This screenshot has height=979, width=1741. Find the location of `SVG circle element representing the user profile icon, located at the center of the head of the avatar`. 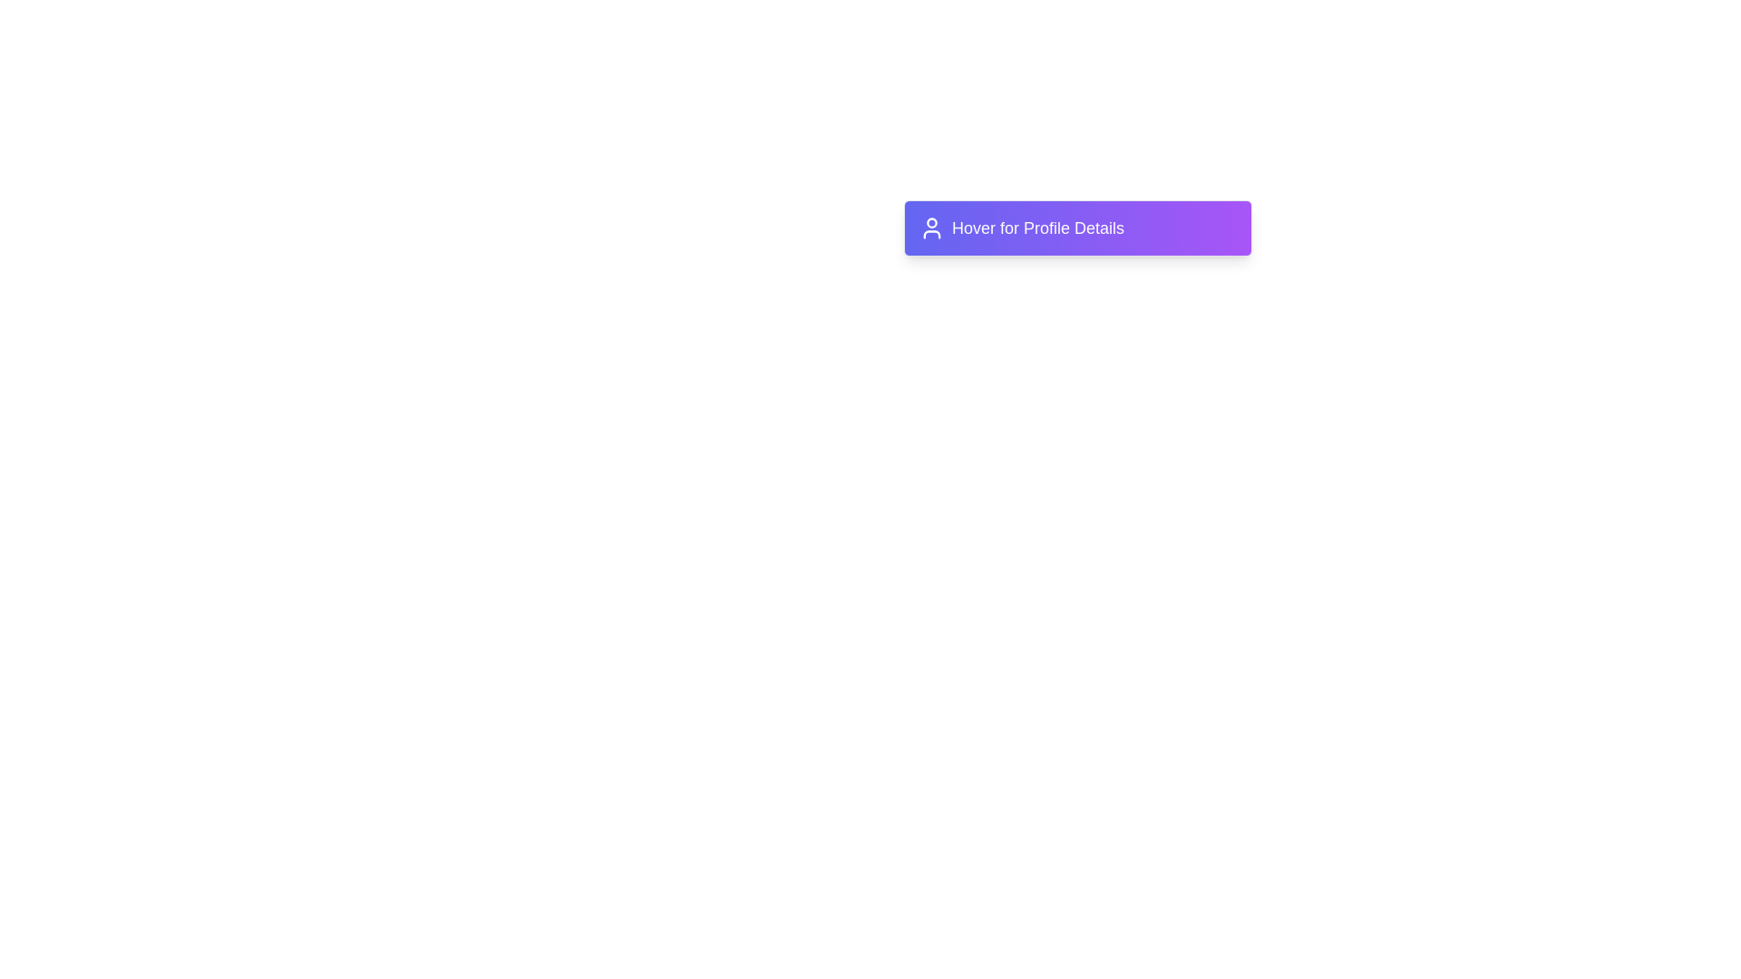

SVG circle element representing the user profile icon, located at the center of the head of the avatar is located at coordinates (931, 222).